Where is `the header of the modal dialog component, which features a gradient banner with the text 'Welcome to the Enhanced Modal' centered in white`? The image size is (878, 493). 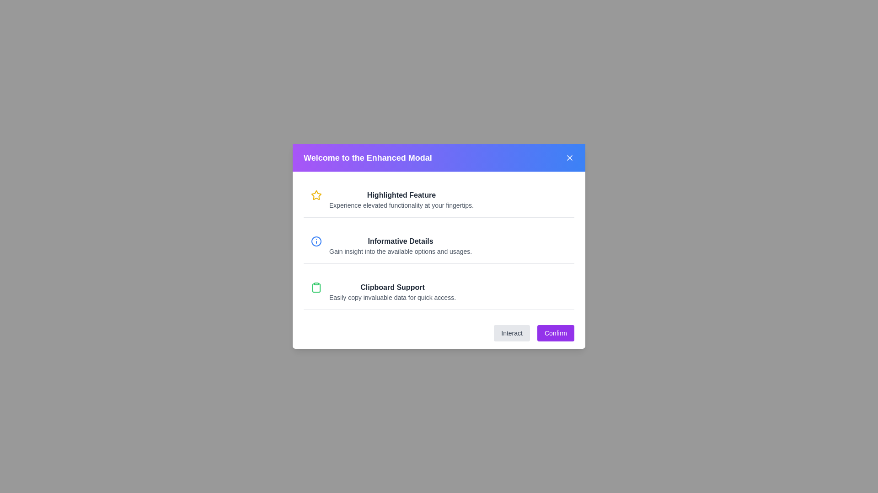
the header of the modal dialog component, which features a gradient banner with the text 'Welcome to the Enhanced Modal' centered in white is located at coordinates (362, 161).